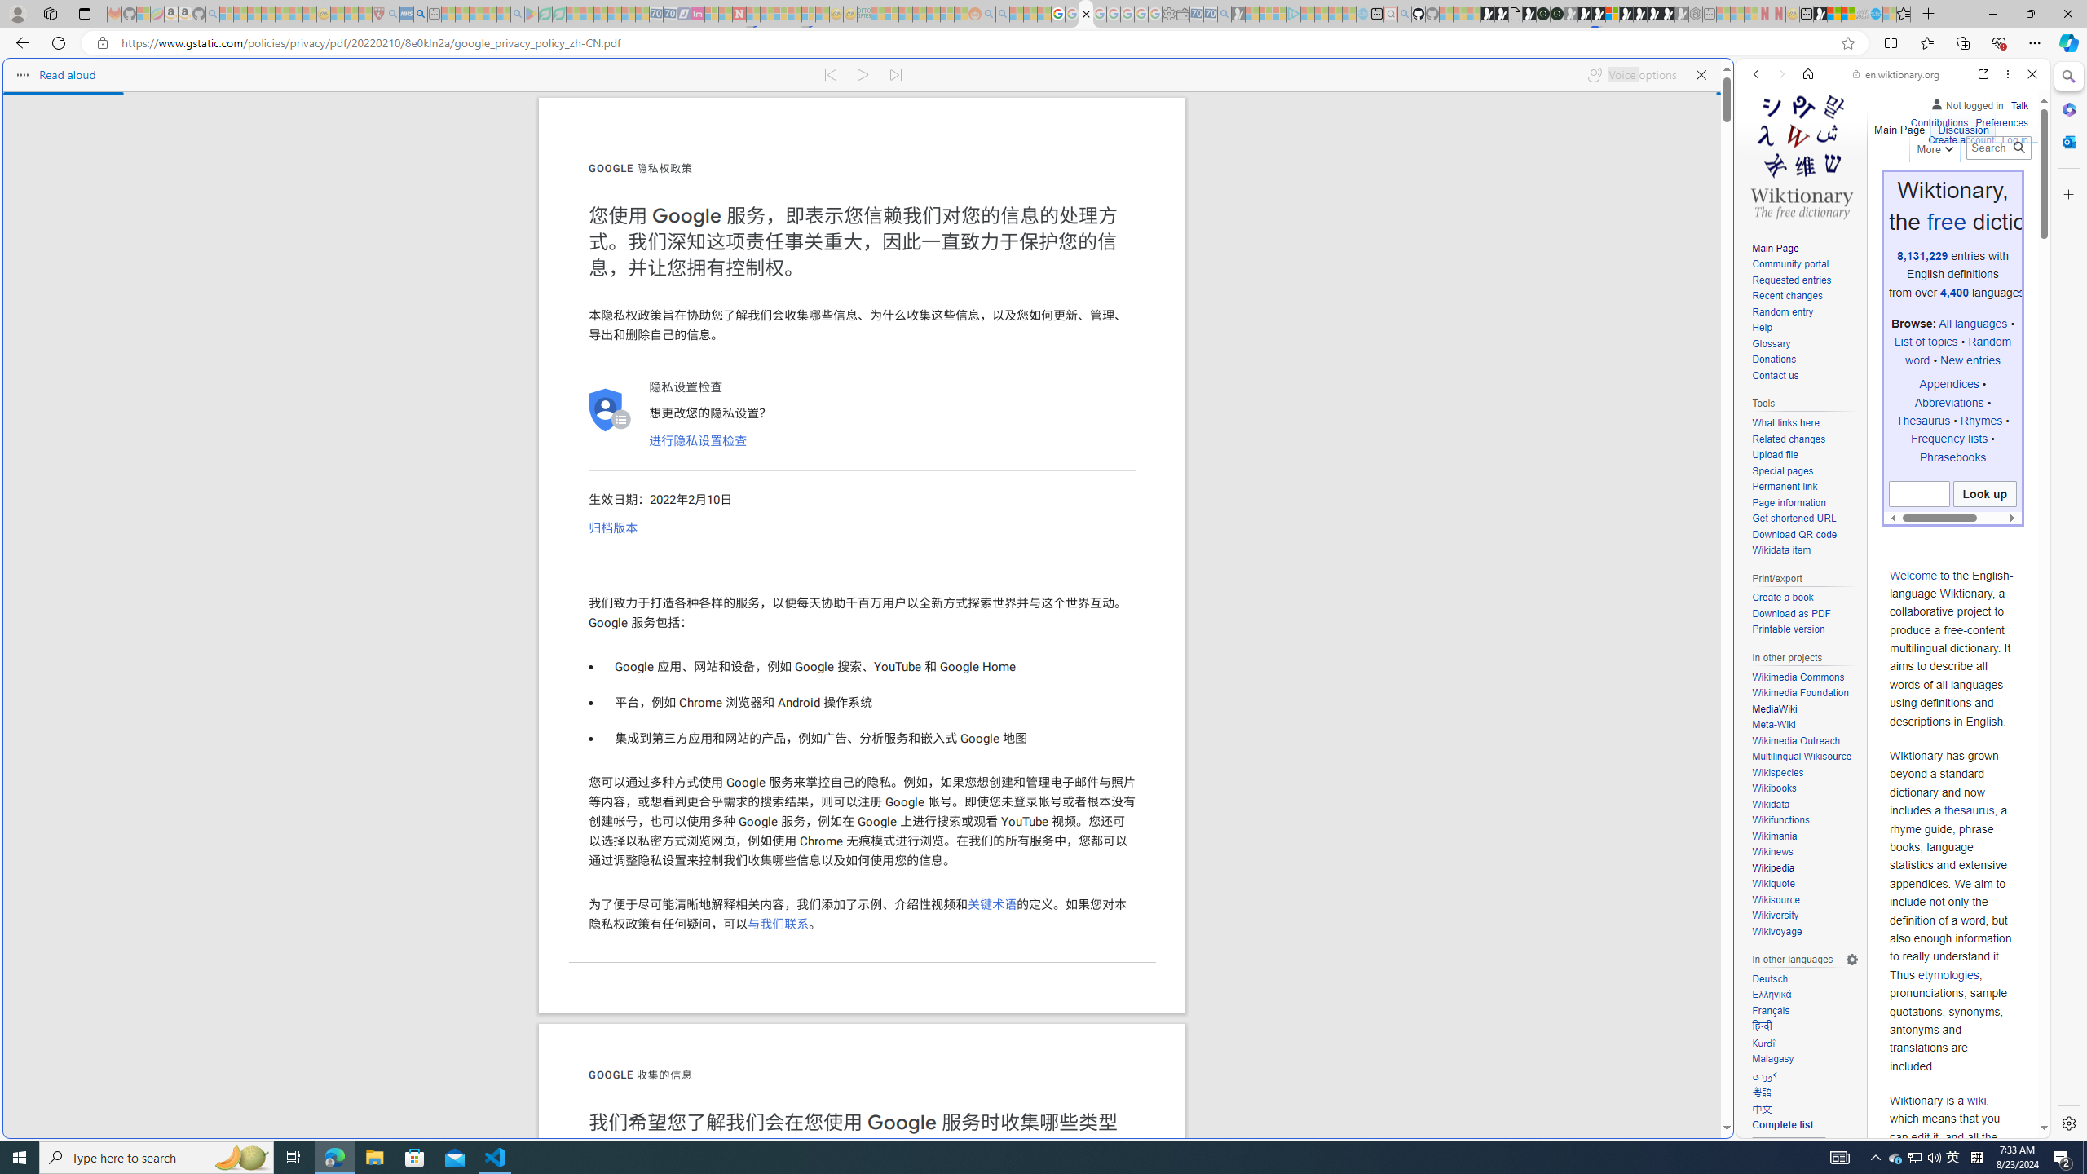 The image size is (2087, 1174). Describe the element at coordinates (1794, 533) in the screenshot. I see `'Download QR code'` at that location.